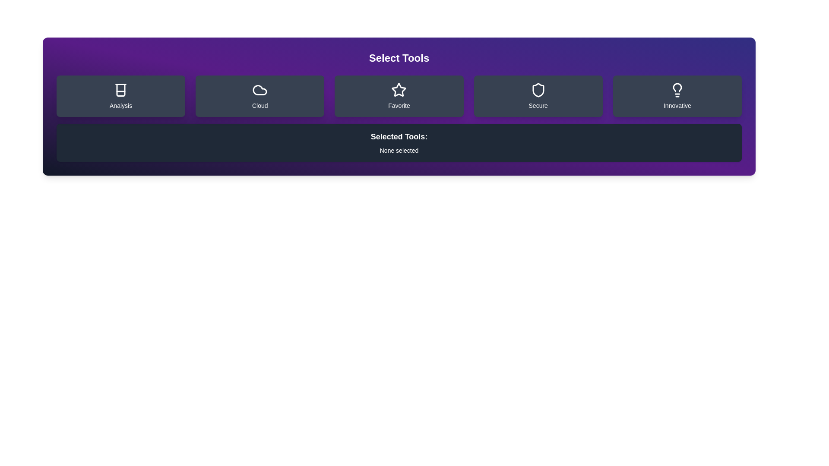 The width and height of the screenshot is (829, 466). Describe the element at coordinates (399, 136) in the screenshot. I see `the Text Label that signifies the topic or section detailing the tools selected by the user, which is positioned above the sibling element displaying 'None selected'` at that location.